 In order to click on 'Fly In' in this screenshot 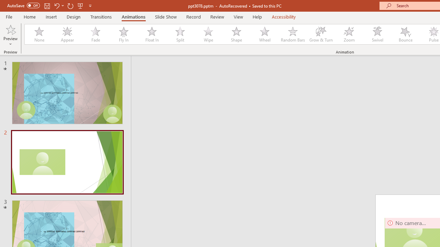, I will do `click(123, 34)`.